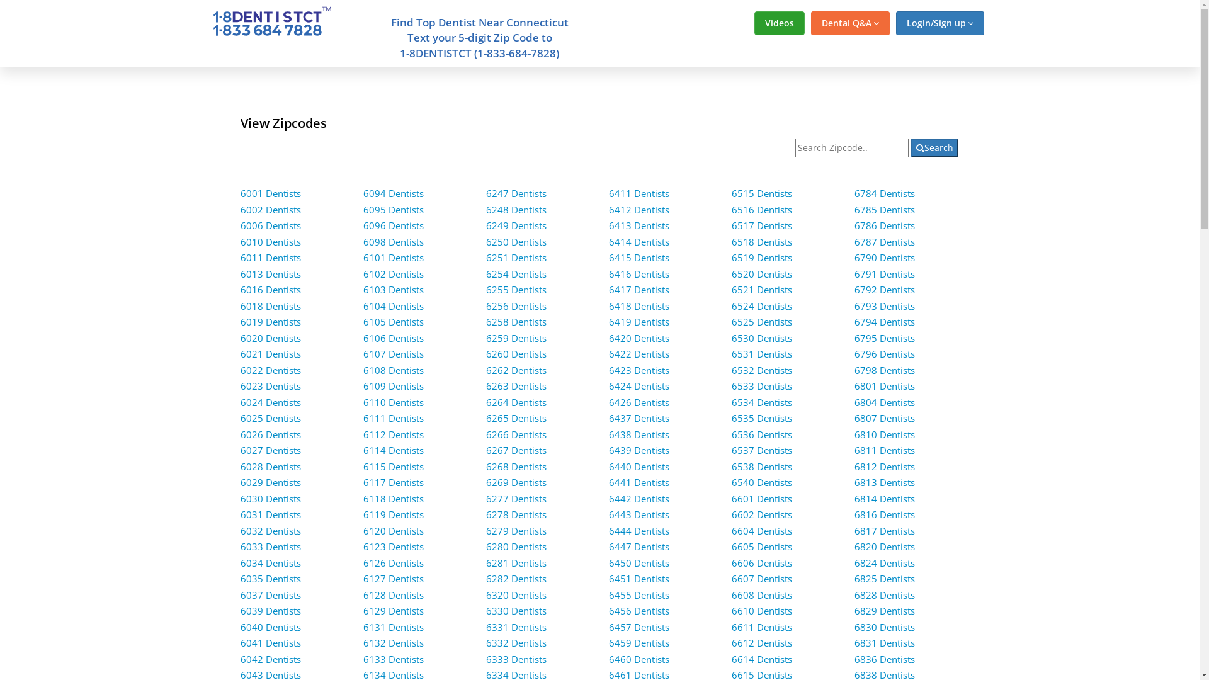 The image size is (1209, 680). Describe the element at coordinates (884, 306) in the screenshot. I see `'6793 Dentists'` at that location.